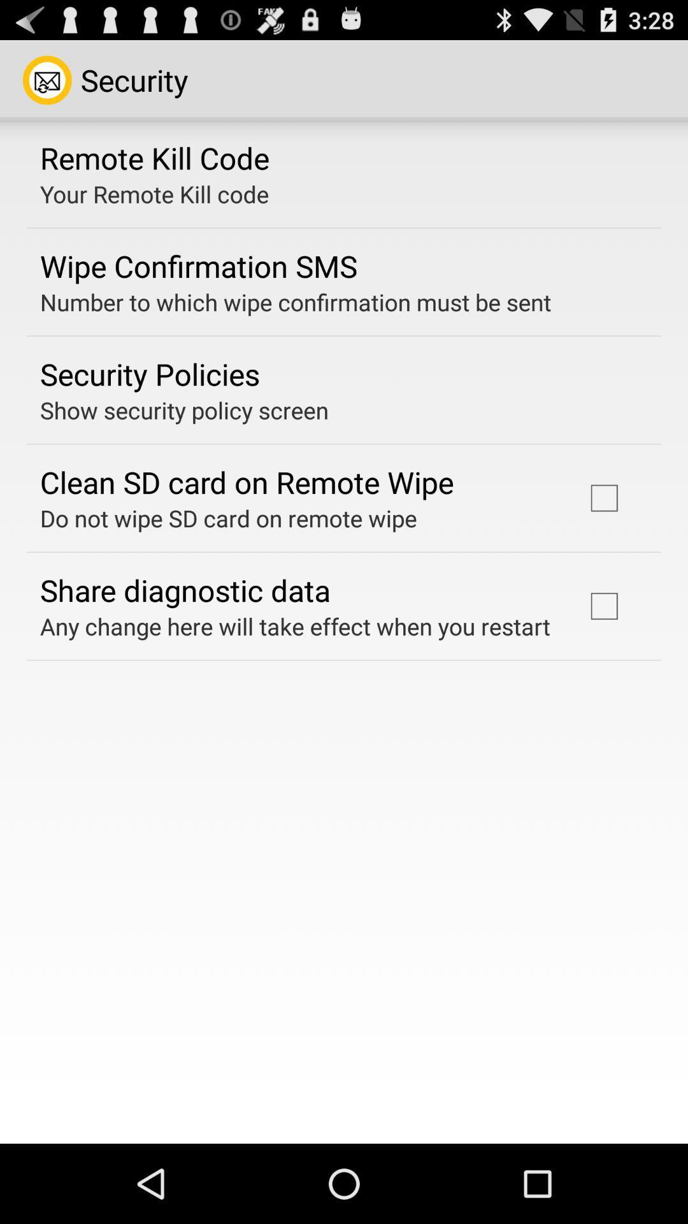 The width and height of the screenshot is (688, 1224). I want to click on item below the number to which app, so click(149, 373).